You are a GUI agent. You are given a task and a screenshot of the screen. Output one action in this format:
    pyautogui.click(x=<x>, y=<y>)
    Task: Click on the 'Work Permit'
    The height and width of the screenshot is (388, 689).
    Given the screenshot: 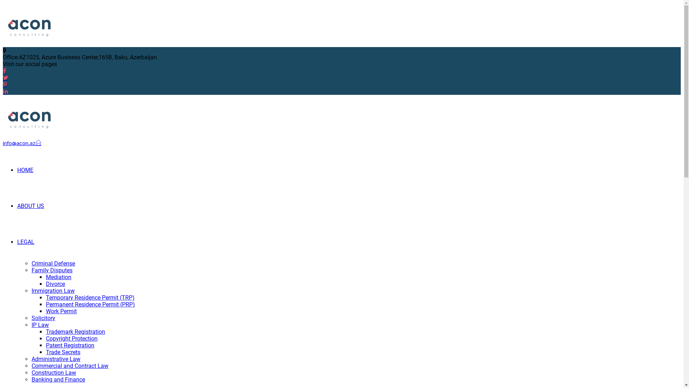 What is the action you would take?
    pyautogui.click(x=61, y=311)
    